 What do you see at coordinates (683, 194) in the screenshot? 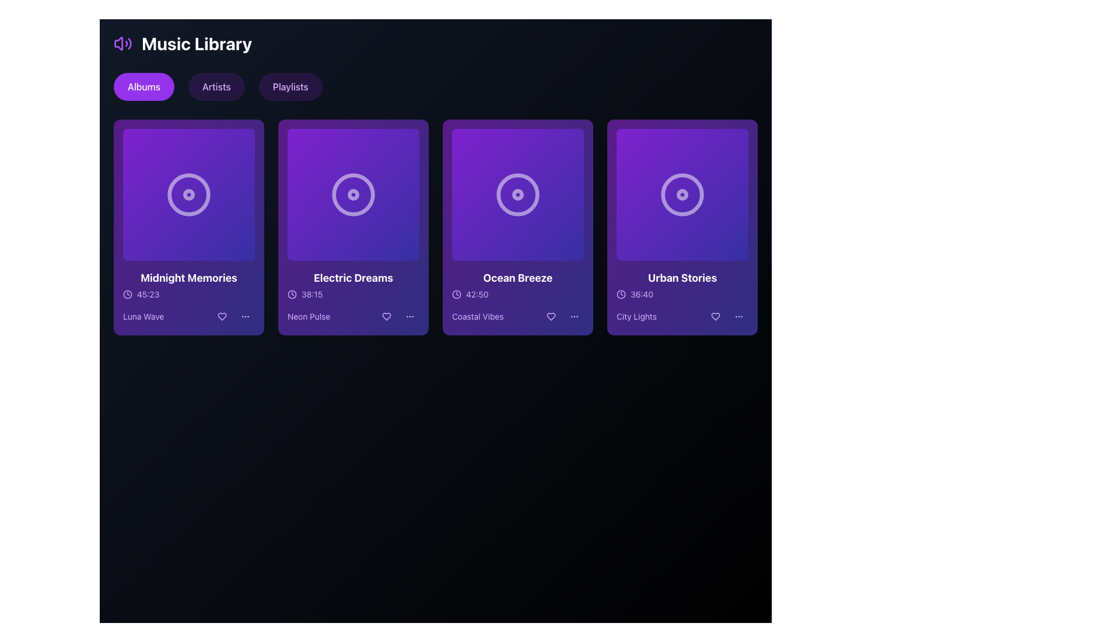
I see `the play icon, which is a white triangular shape within a purple circular background, centrally positioned in the media card titled 'Urban Stories' located in the fourth position of a row of cards` at bounding box center [683, 194].